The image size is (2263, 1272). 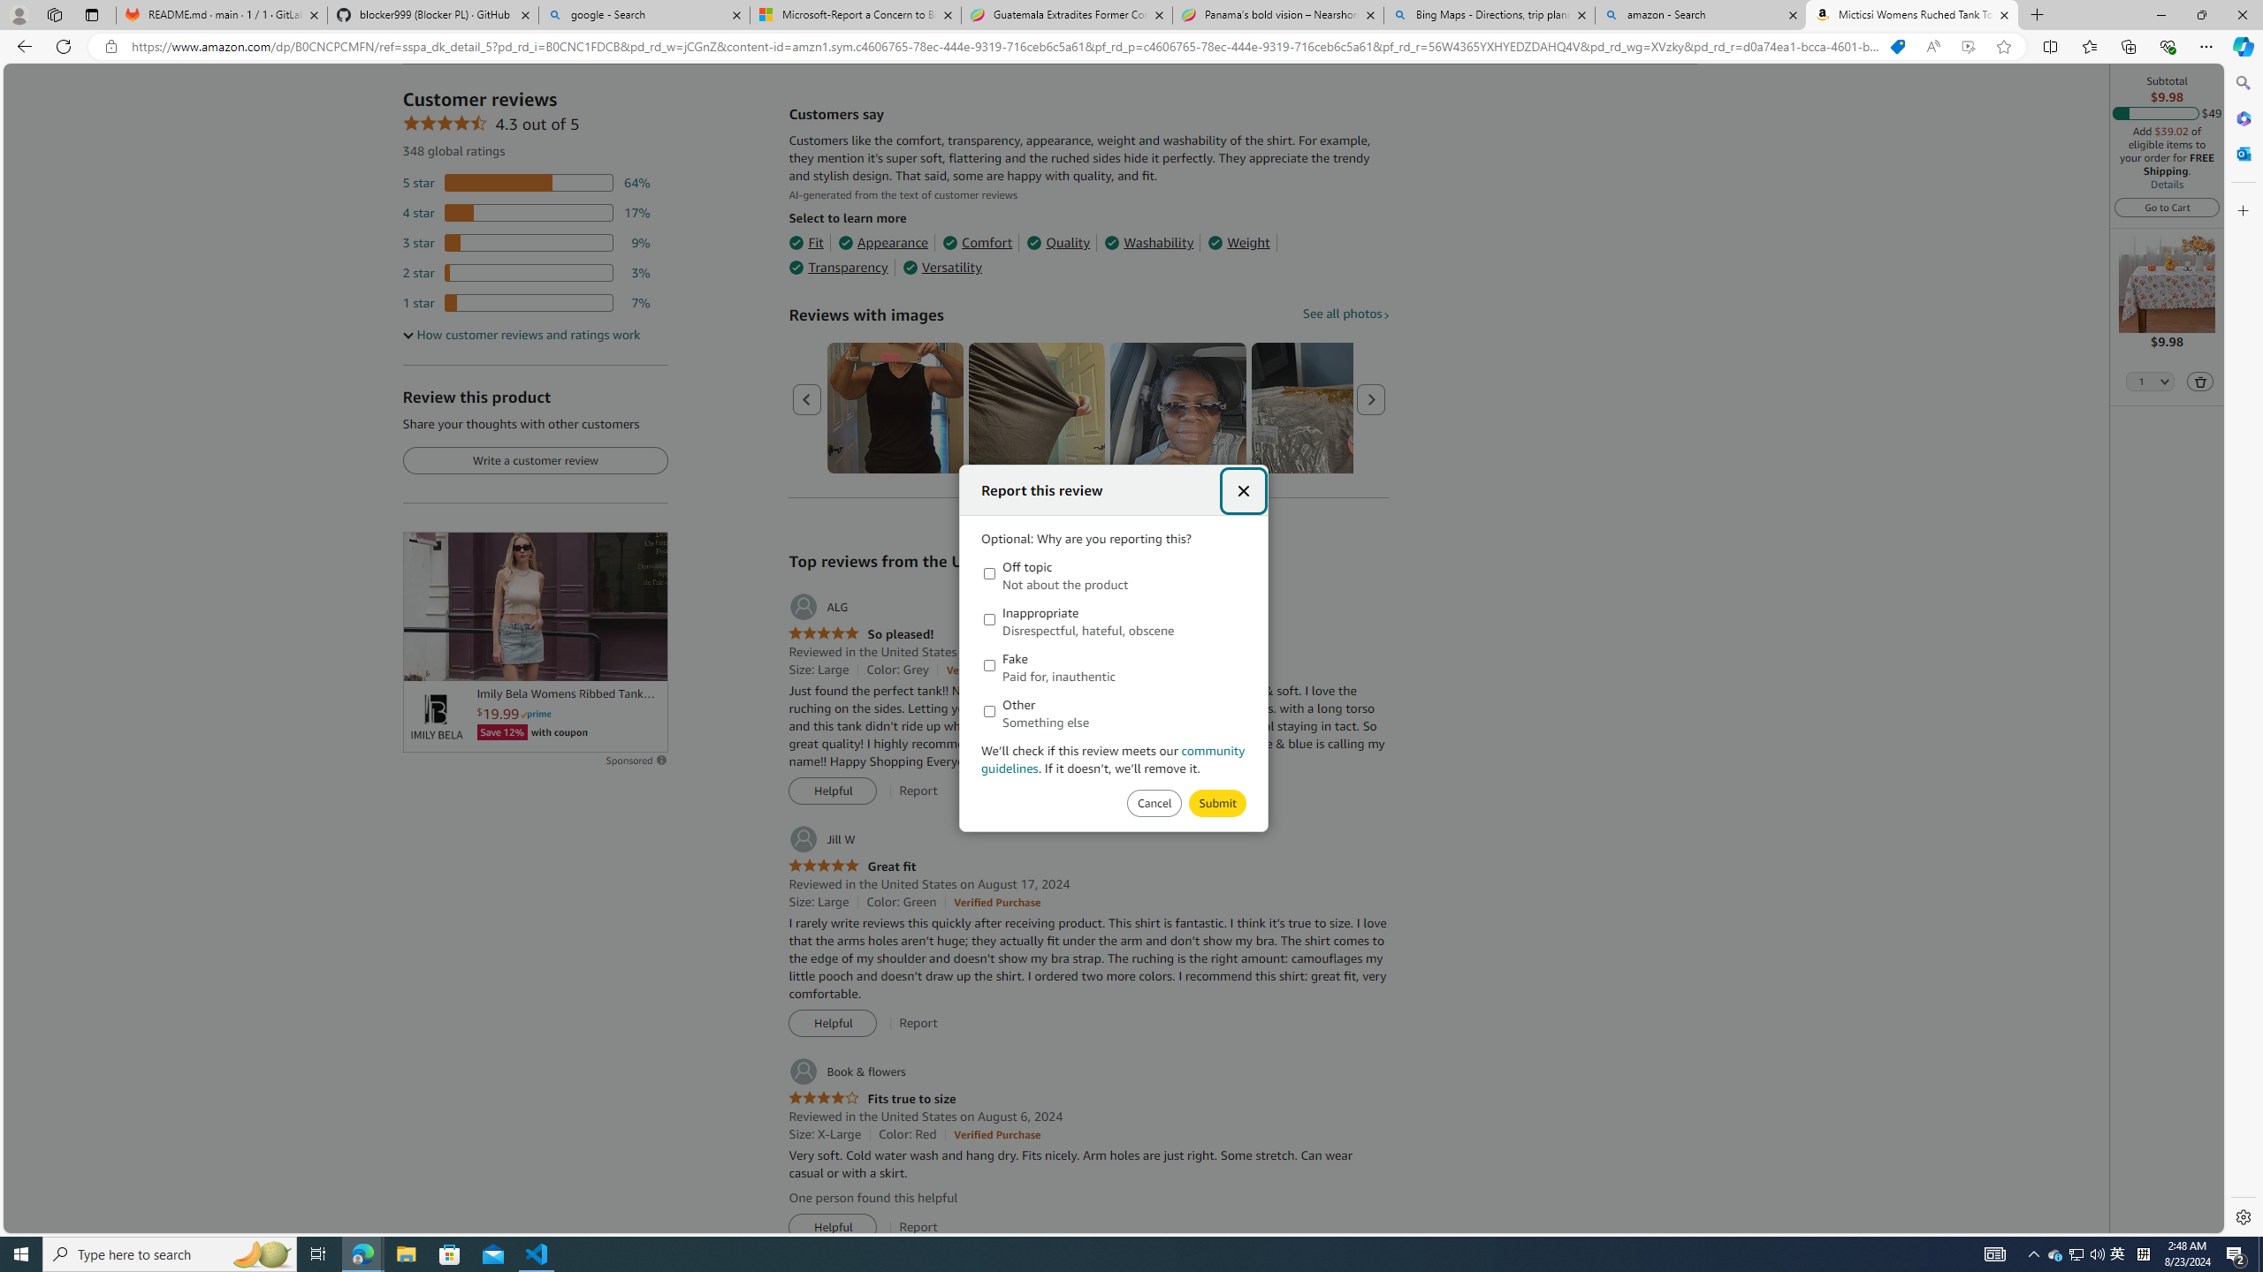 What do you see at coordinates (806, 398) in the screenshot?
I see `'Previous page'` at bounding box center [806, 398].